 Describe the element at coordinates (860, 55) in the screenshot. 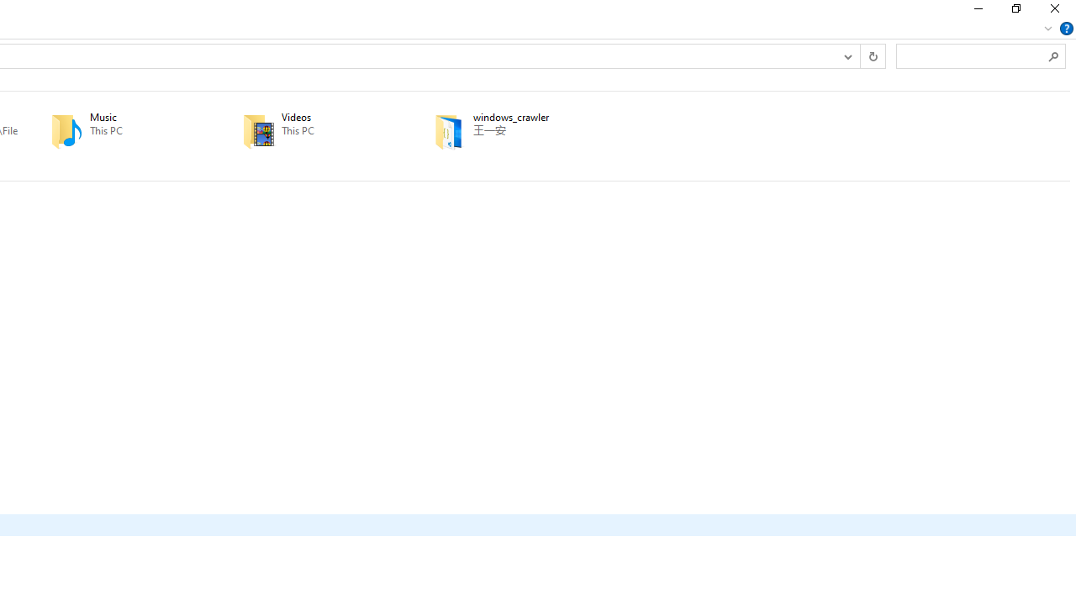

I see `'Address band toolbar'` at that location.